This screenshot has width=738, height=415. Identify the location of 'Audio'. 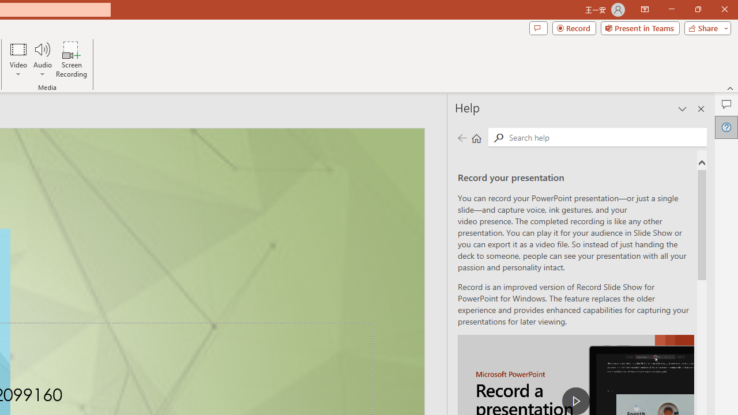
(42, 59).